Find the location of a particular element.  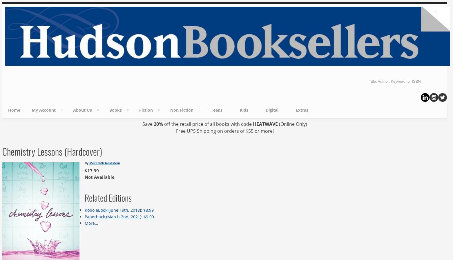

'Related Editions' is located at coordinates (108, 197).